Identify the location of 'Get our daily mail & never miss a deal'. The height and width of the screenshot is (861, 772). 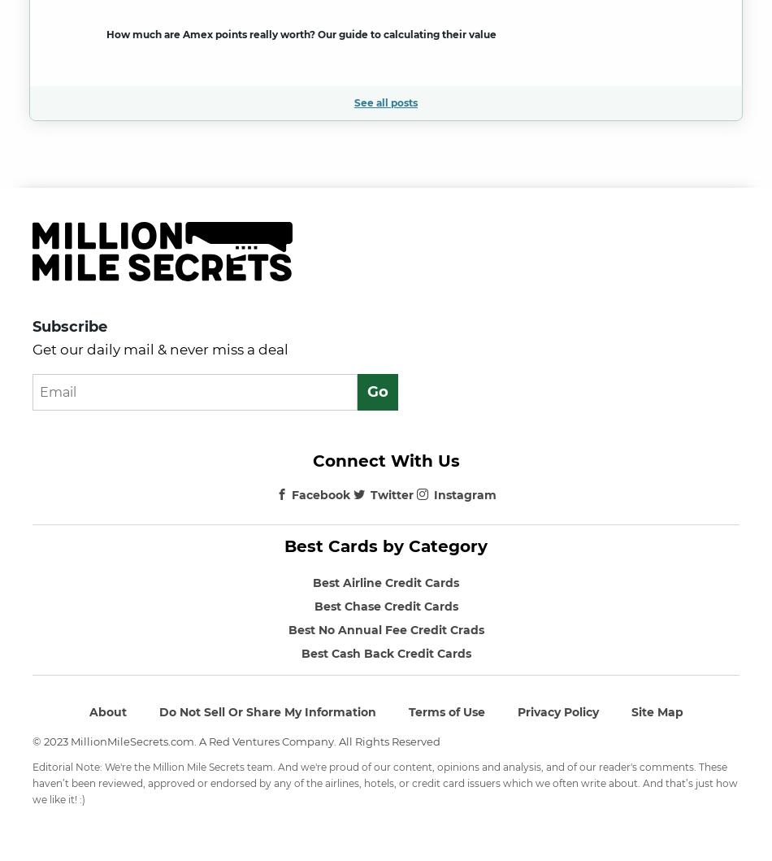
(160, 349).